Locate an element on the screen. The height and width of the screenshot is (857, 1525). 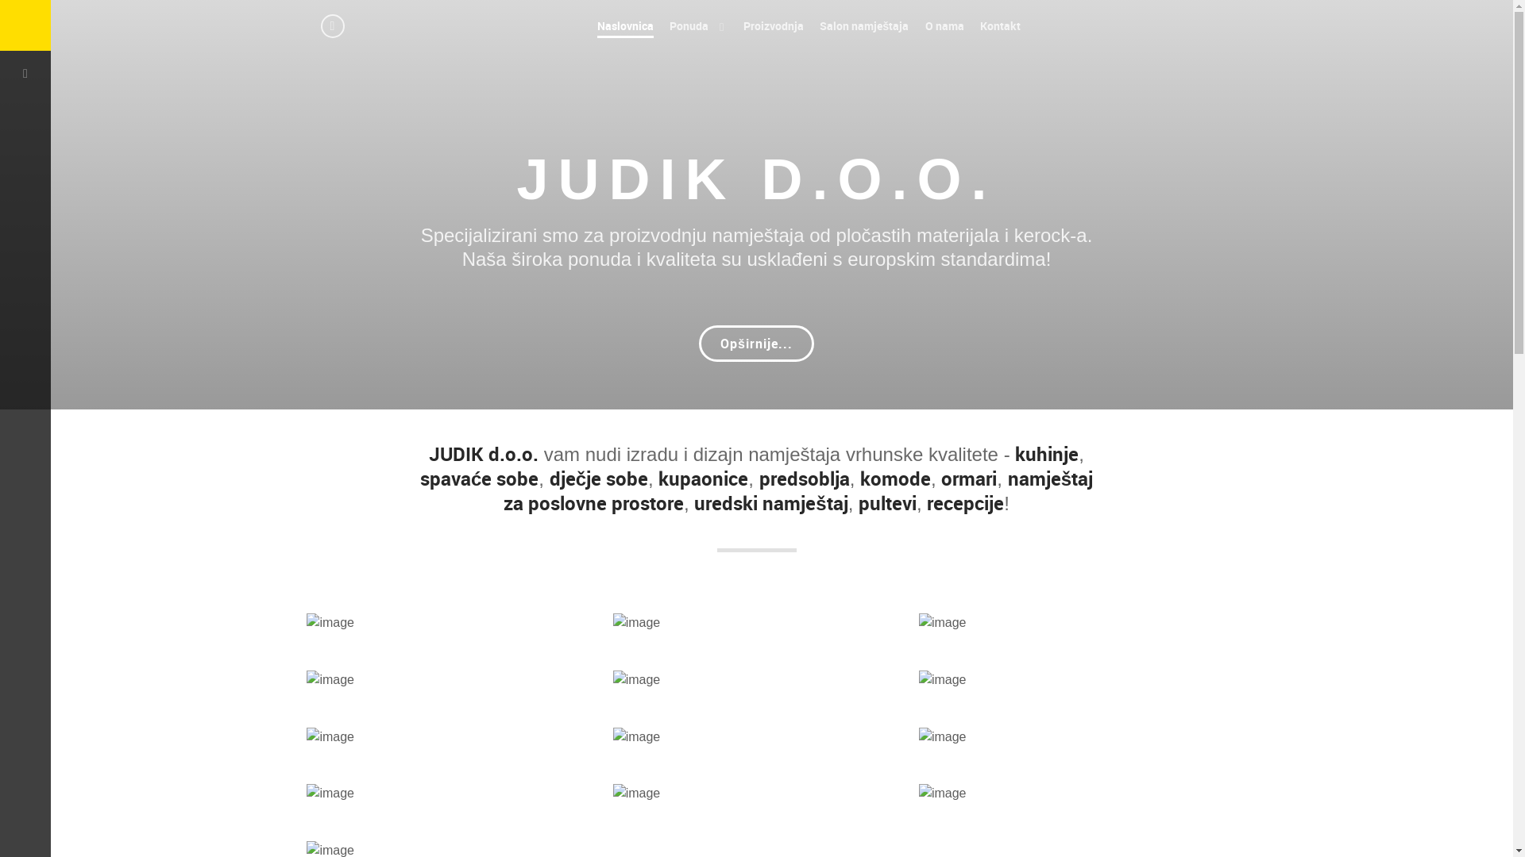
'Proizvodnja' is located at coordinates (774, 25).